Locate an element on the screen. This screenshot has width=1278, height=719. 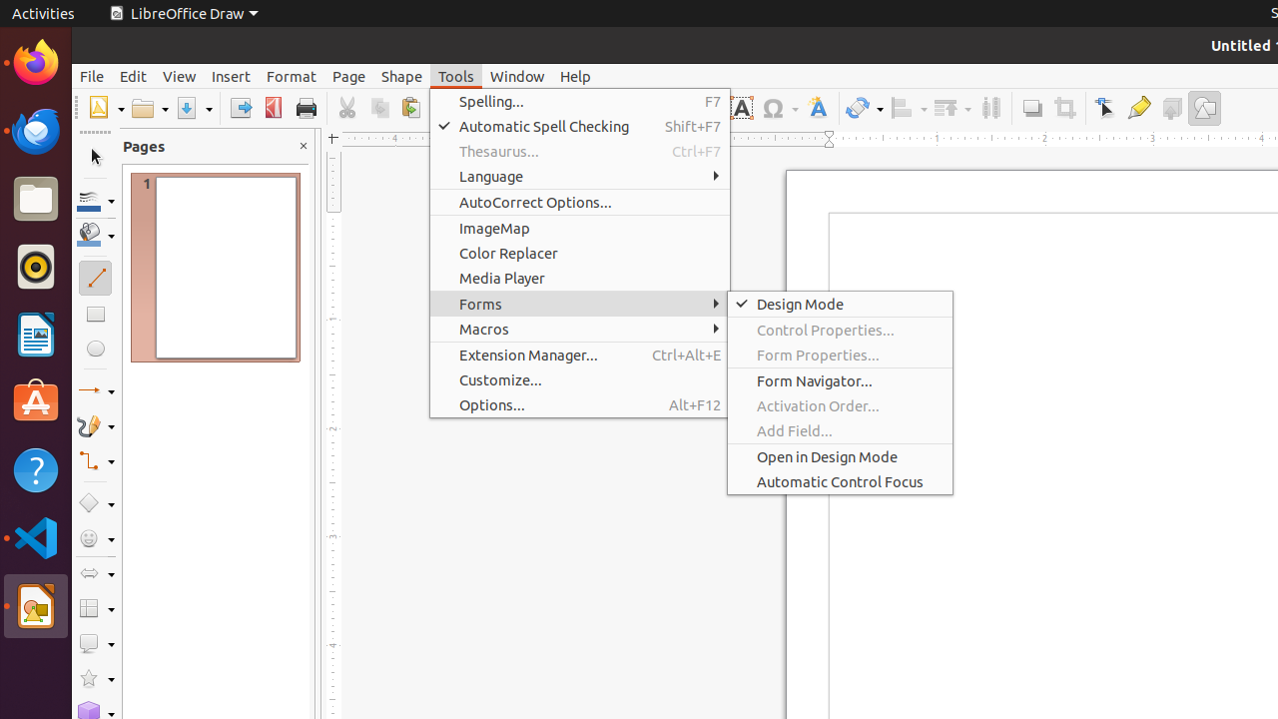
'Media Player' is located at coordinates (578, 278).